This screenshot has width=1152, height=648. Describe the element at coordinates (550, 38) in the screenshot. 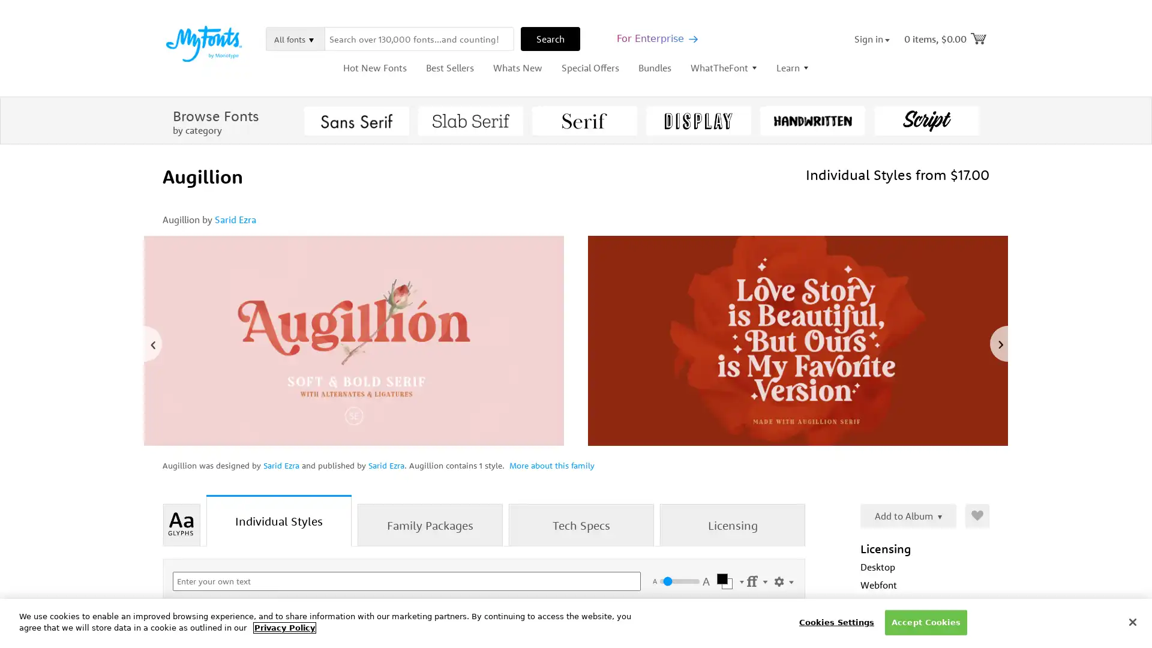

I see `Search` at that location.